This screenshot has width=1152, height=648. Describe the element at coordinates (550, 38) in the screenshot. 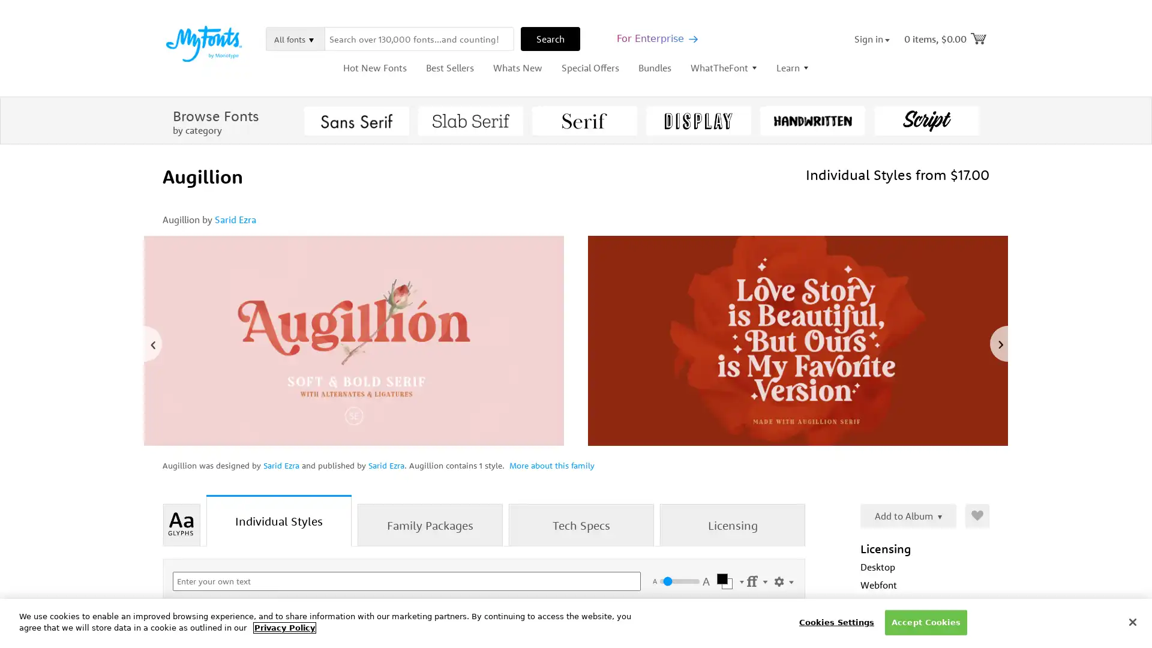

I see `Search` at that location.